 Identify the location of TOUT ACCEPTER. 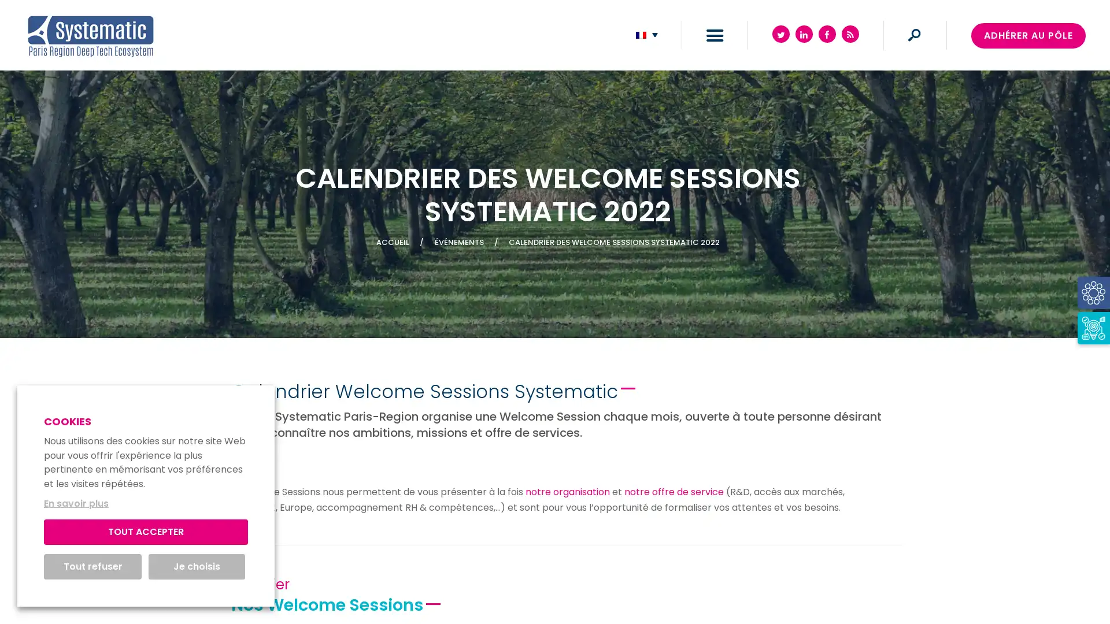
(145, 532).